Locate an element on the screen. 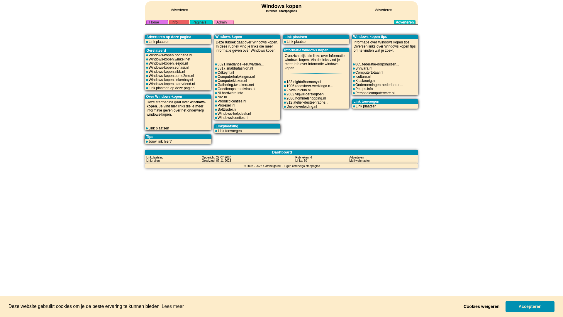 This screenshot has height=317, width=563. 'Windows-kopen.nonnerie.nl' is located at coordinates (170, 55).